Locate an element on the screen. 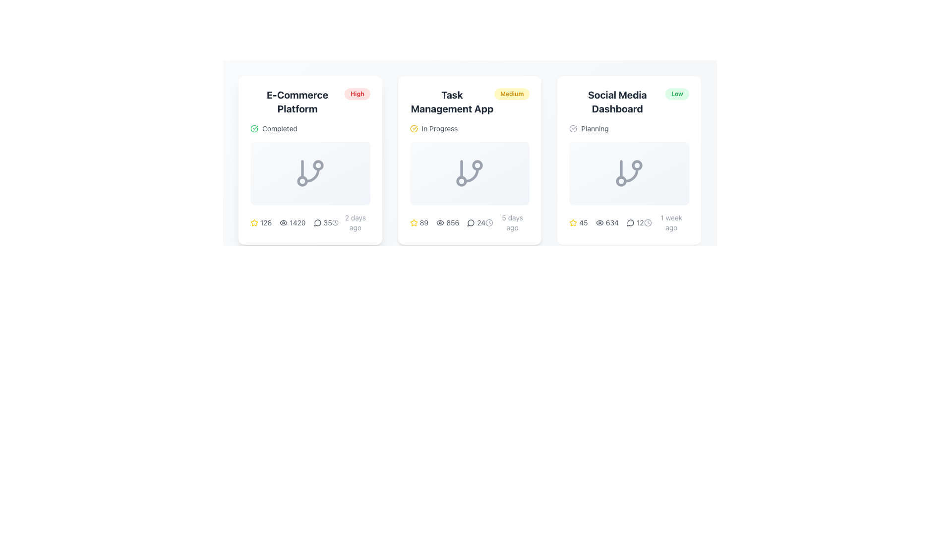  the eye-like icon located in the lower portion of the 'Social Media Dashboard' card for additional actions or metrics is located at coordinates (599, 223).